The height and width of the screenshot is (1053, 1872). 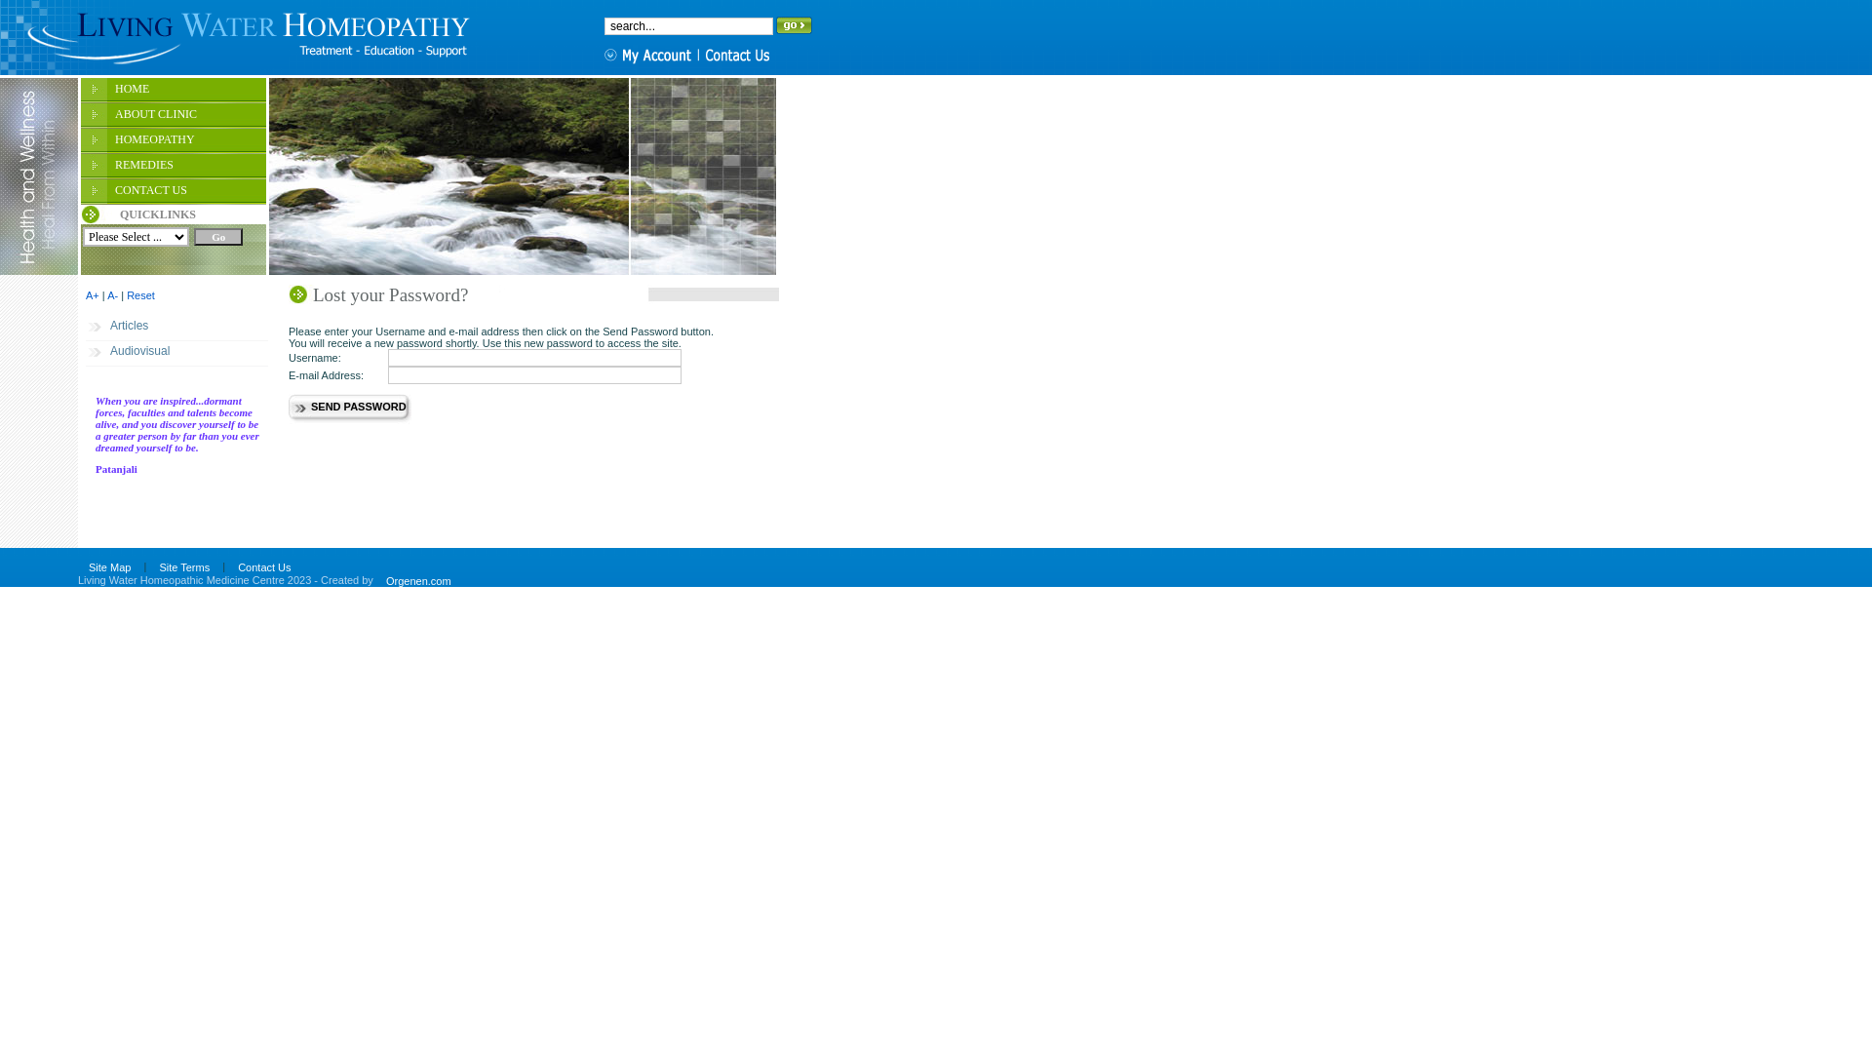 What do you see at coordinates (218, 236) in the screenshot?
I see `'Go'` at bounding box center [218, 236].